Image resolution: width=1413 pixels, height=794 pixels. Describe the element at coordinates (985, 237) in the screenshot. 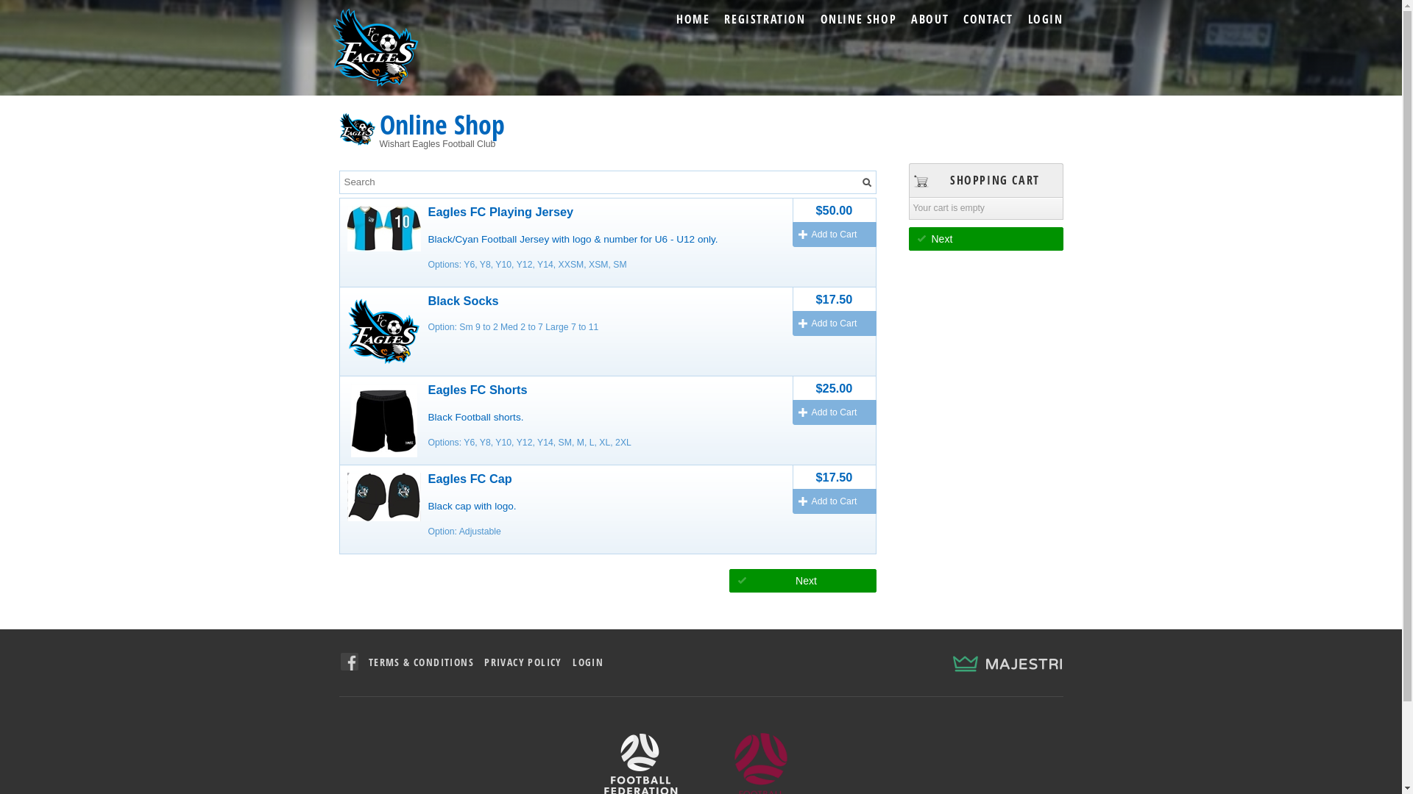

I see `'Next'` at that location.